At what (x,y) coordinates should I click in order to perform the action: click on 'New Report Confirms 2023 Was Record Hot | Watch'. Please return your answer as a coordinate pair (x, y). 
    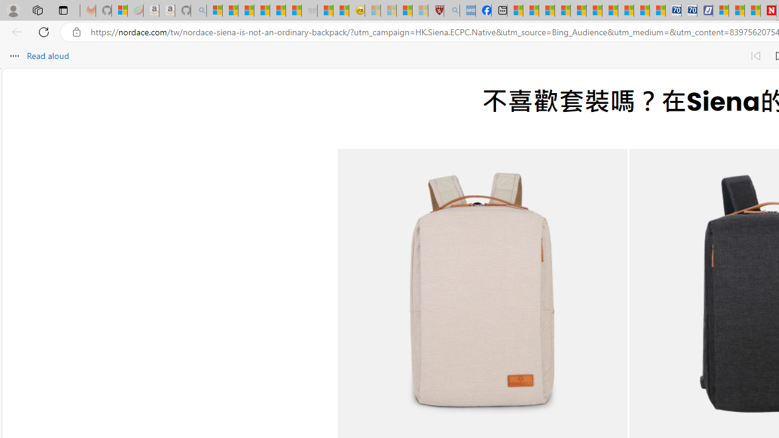
    Looking at the image, I should click on (277, 10).